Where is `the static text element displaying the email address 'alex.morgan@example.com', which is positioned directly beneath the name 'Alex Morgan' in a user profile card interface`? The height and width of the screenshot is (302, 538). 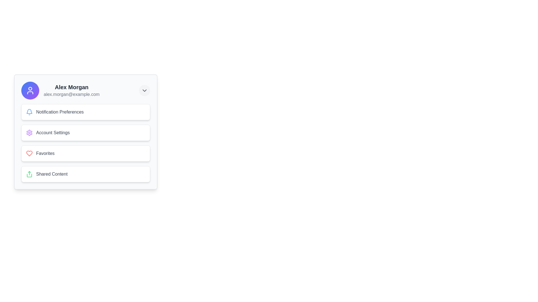 the static text element displaying the email address 'alex.morgan@example.com', which is positioned directly beneath the name 'Alex Morgan' in a user profile card interface is located at coordinates (71, 94).